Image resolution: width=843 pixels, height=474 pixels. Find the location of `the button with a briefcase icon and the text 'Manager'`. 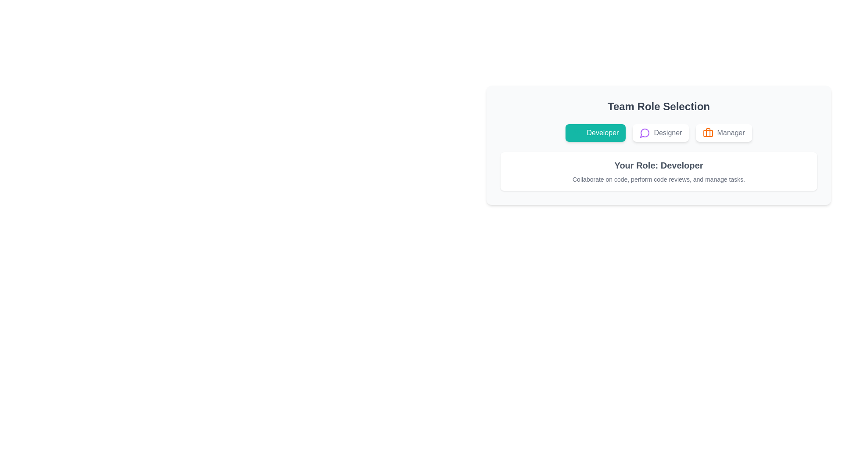

the button with a briefcase icon and the text 'Manager' is located at coordinates (724, 133).